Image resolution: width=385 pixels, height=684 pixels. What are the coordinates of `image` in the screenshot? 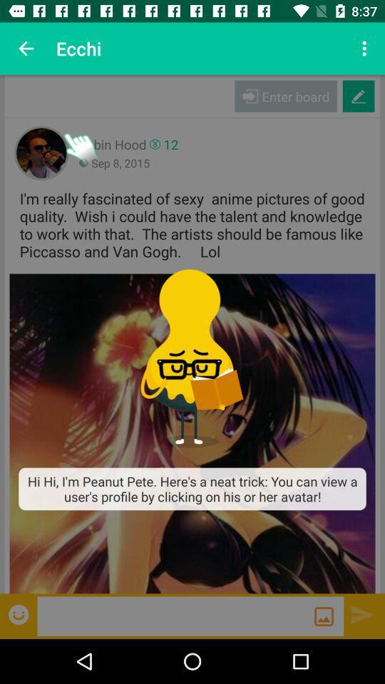 It's located at (324, 616).